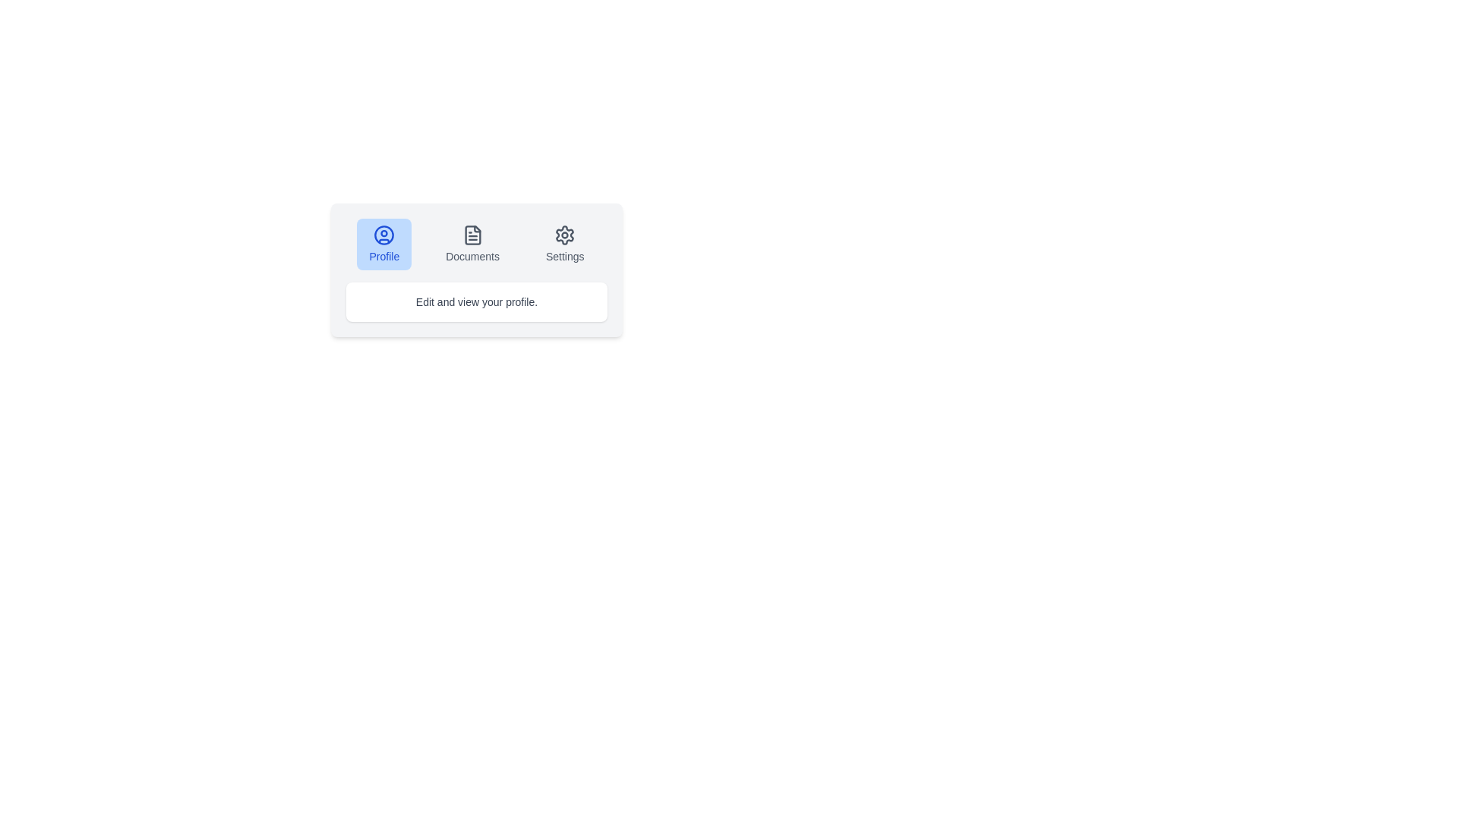 This screenshot has width=1458, height=820. Describe the element at coordinates (472, 235) in the screenshot. I see `the icon in the second slot of the horizontal arrangement` at that location.